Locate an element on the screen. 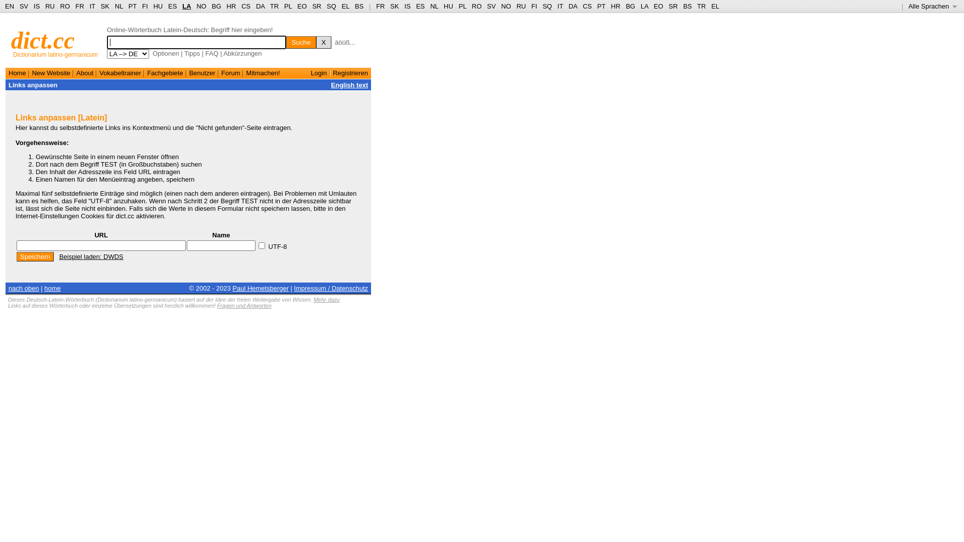 This screenshot has height=542, width=964. 'FI' is located at coordinates (530, 6).